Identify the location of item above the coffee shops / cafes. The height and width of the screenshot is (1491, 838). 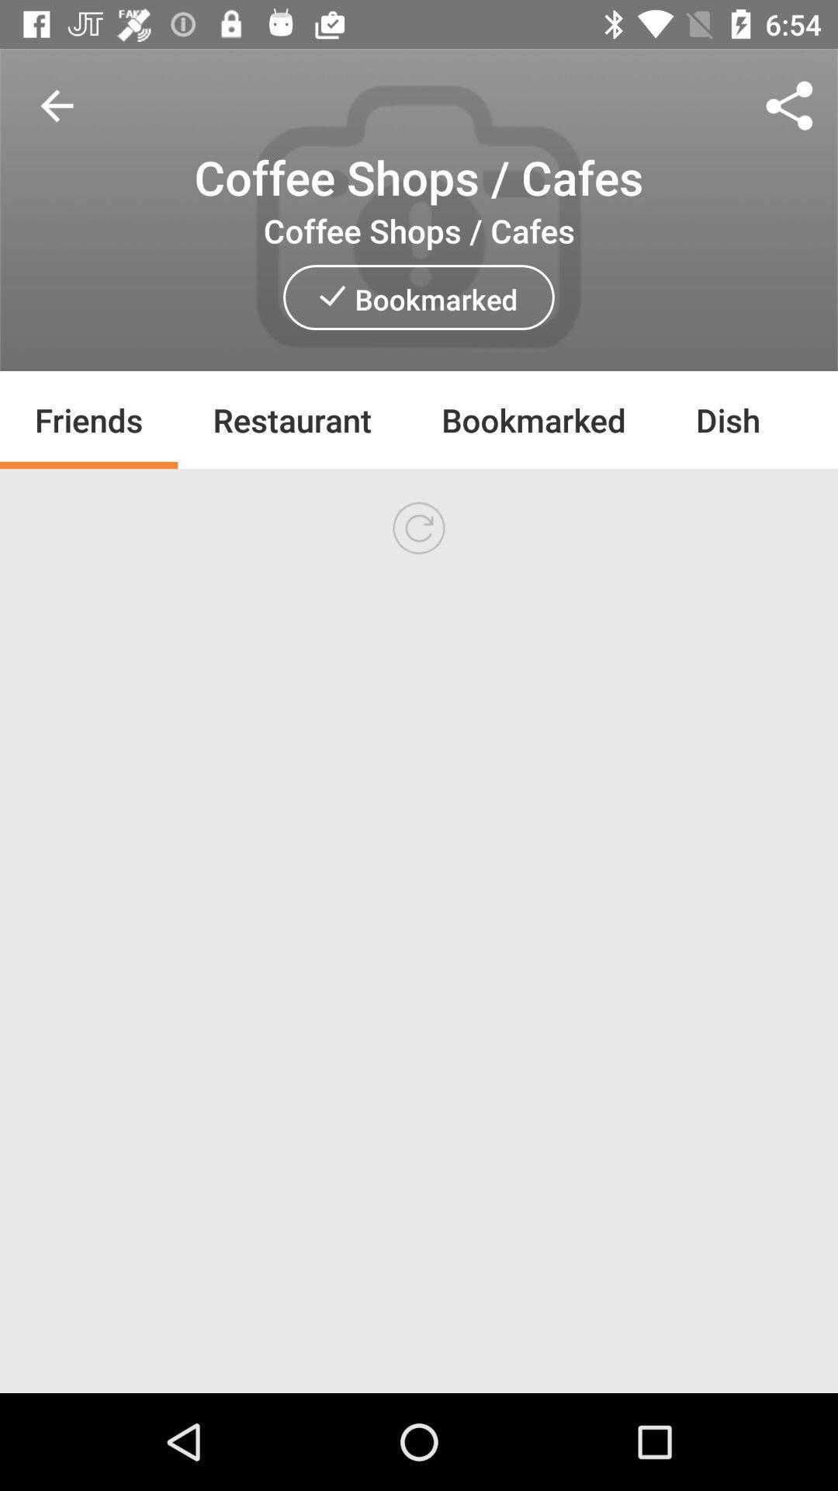
(789, 105).